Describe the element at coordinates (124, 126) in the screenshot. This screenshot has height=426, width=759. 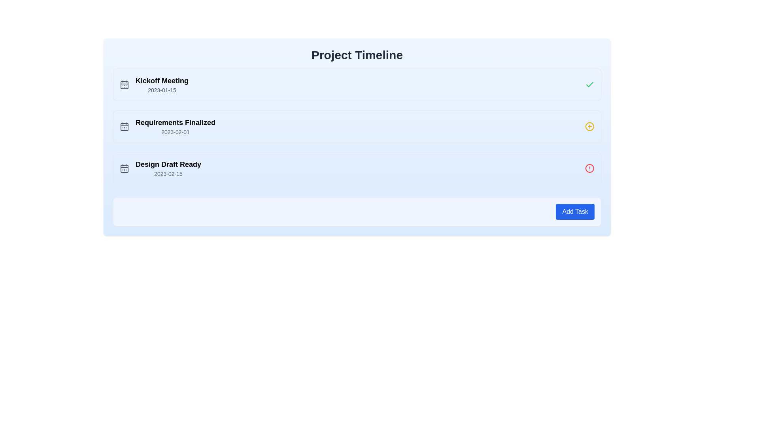
I see `the rounded rectangular SVG element inside the calendar icon next to the text 'Requirements Finalized' in the timeline list` at that location.